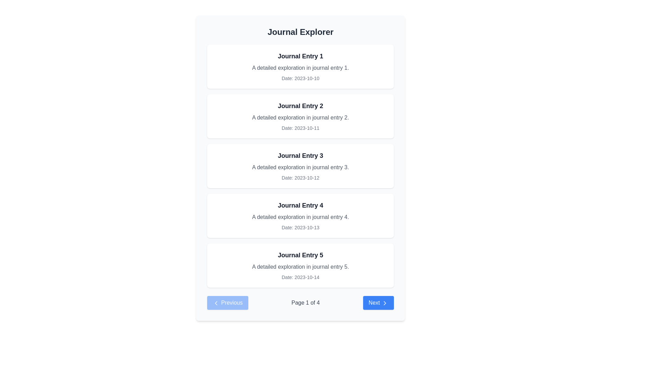 The width and height of the screenshot is (664, 373). I want to click on the Text label that displays the current page number and total number of pages, located at the bottom center of the page within the pagination controls area, so click(305, 302).